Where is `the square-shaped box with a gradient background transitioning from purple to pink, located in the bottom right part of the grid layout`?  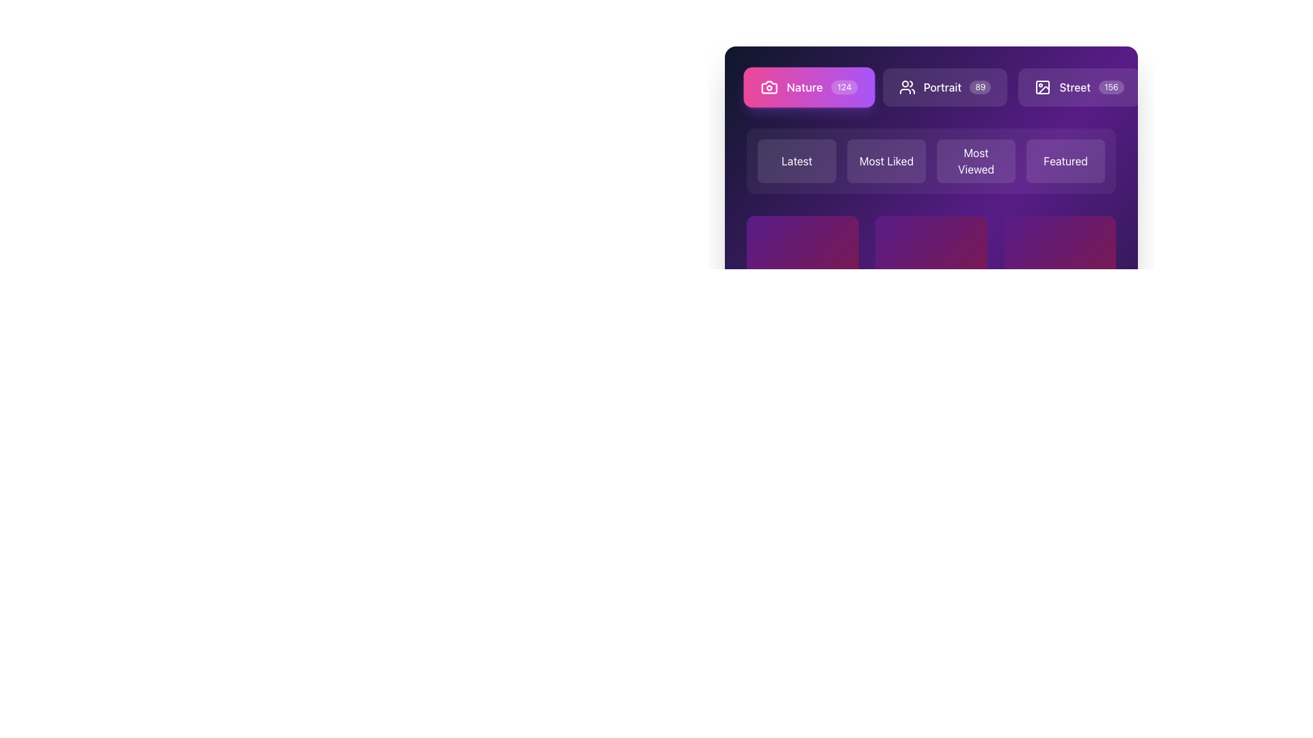 the square-shaped box with a gradient background transitioning from purple to pink, located in the bottom right part of the grid layout is located at coordinates (1059, 271).